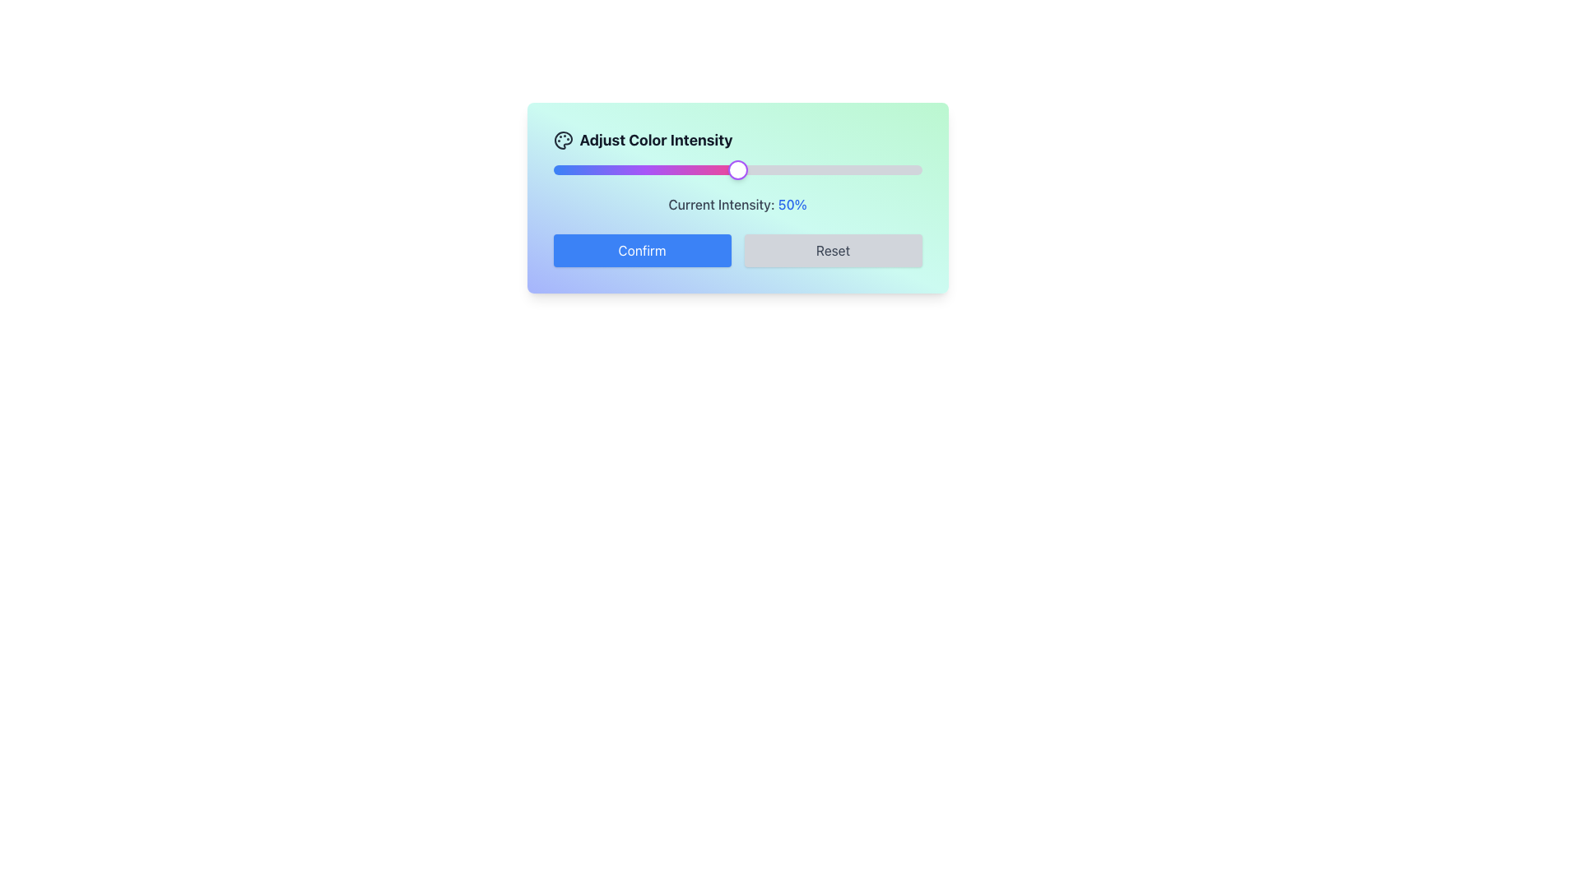 Image resolution: width=1580 pixels, height=888 pixels. Describe the element at coordinates (724, 170) in the screenshot. I see `the intensity` at that location.